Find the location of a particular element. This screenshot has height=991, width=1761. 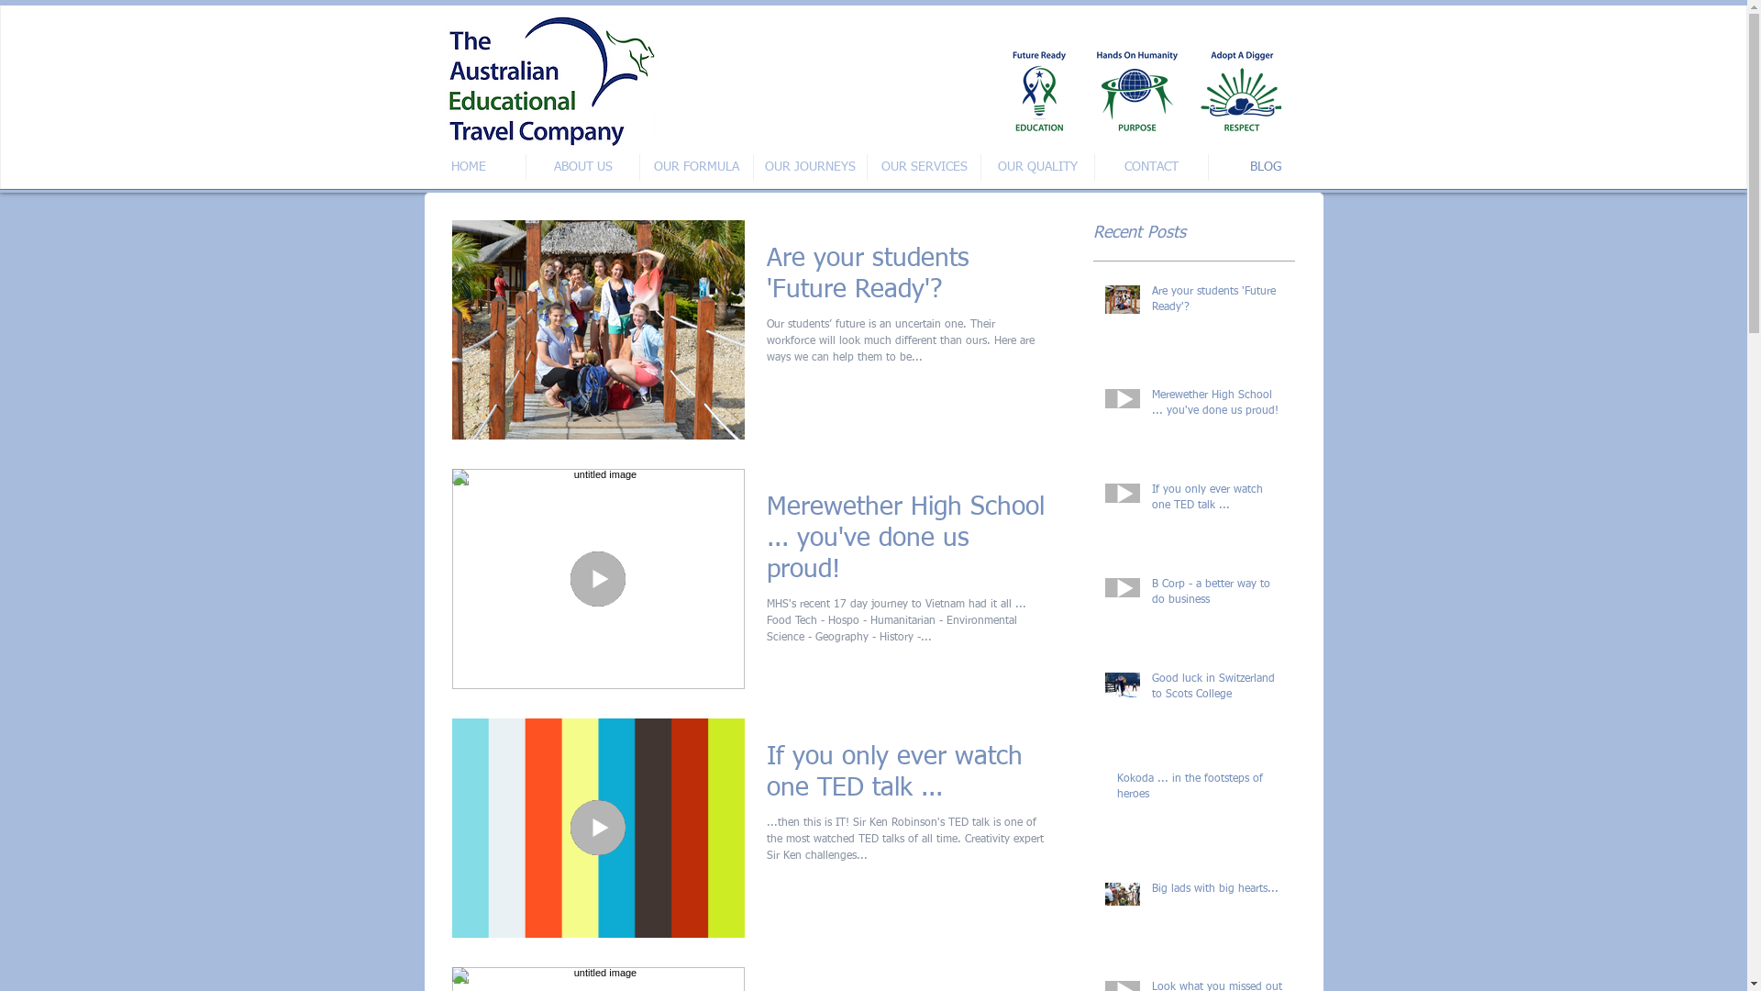

'Good luck in Switzerland to Scots College' is located at coordinates (1151, 690).